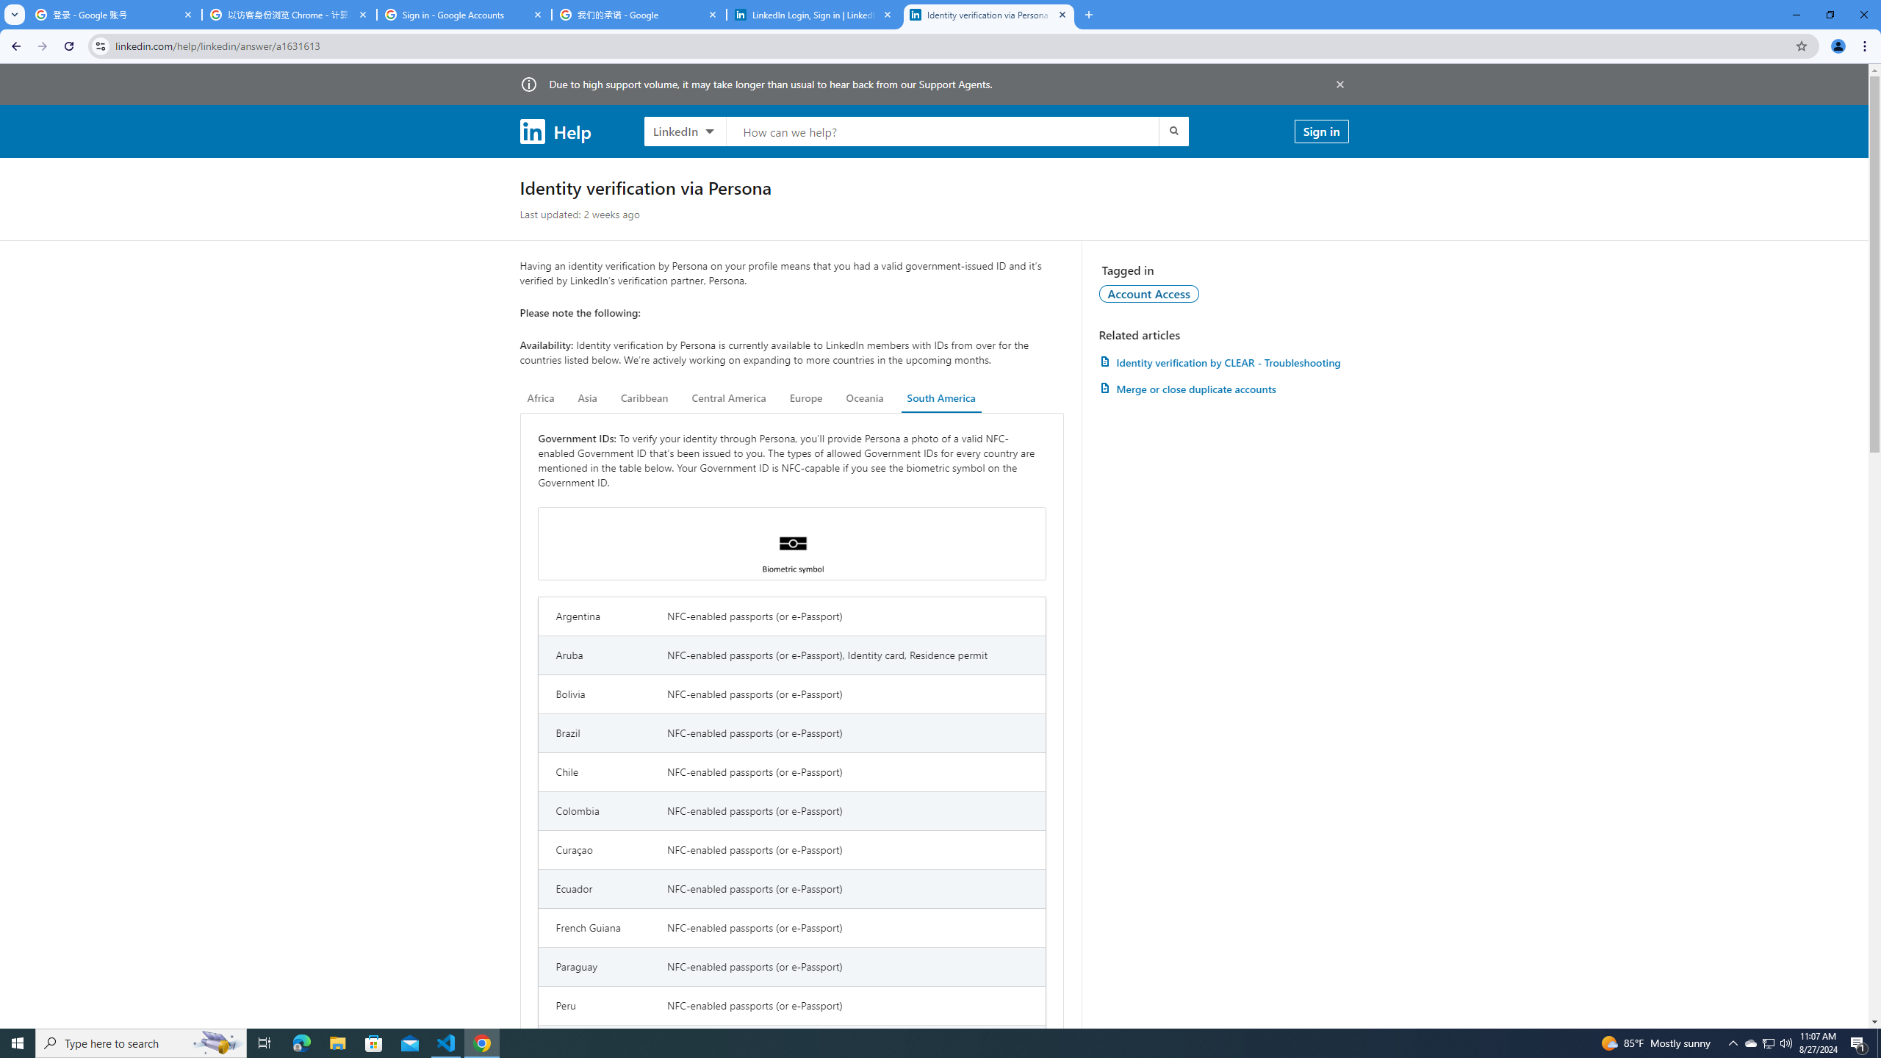 The height and width of the screenshot is (1058, 1881). What do you see at coordinates (1173, 130) in the screenshot?
I see `'Submit search'` at bounding box center [1173, 130].